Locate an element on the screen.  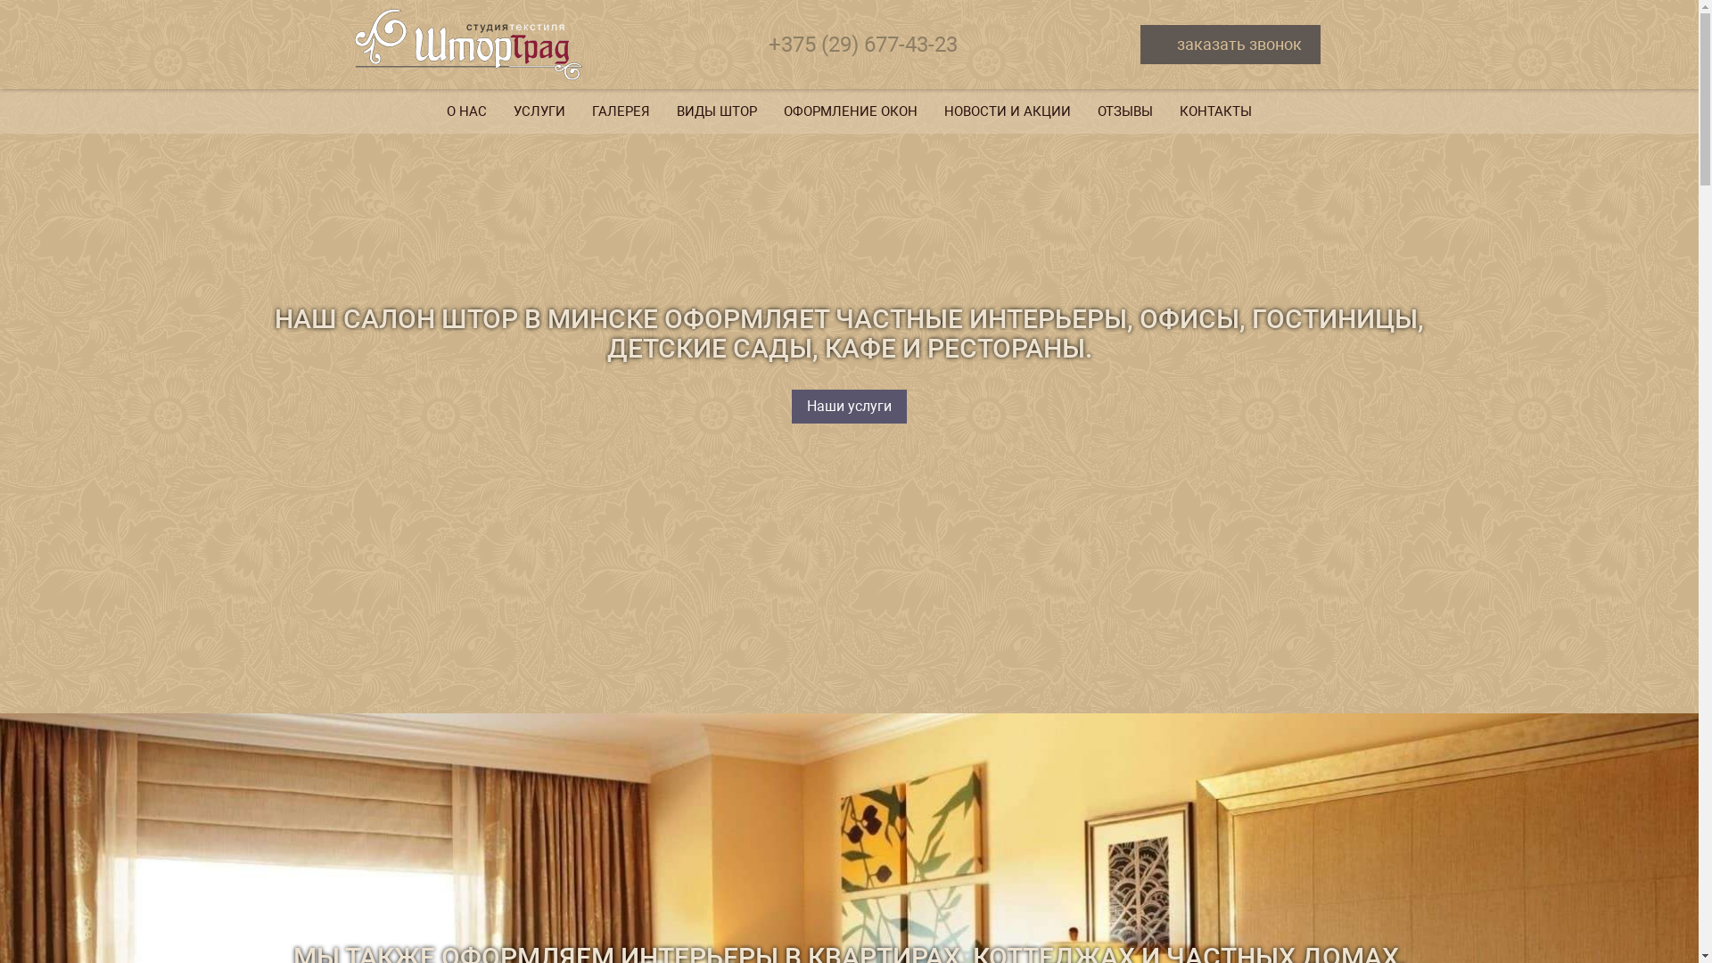
'+375 (29) 677-43-23' is located at coordinates (863, 44).